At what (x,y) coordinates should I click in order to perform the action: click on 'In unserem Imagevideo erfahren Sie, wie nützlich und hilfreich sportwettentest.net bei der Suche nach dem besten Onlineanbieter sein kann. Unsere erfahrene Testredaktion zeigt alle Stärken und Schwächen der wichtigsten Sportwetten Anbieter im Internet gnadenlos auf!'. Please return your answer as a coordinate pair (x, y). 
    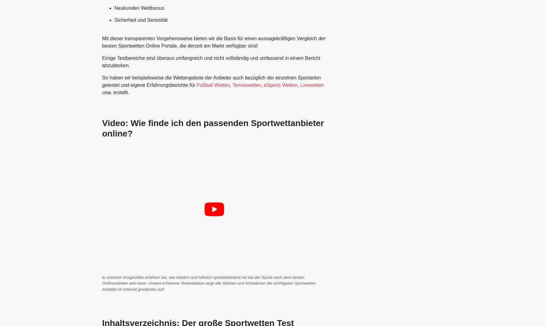
    Looking at the image, I should click on (101, 283).